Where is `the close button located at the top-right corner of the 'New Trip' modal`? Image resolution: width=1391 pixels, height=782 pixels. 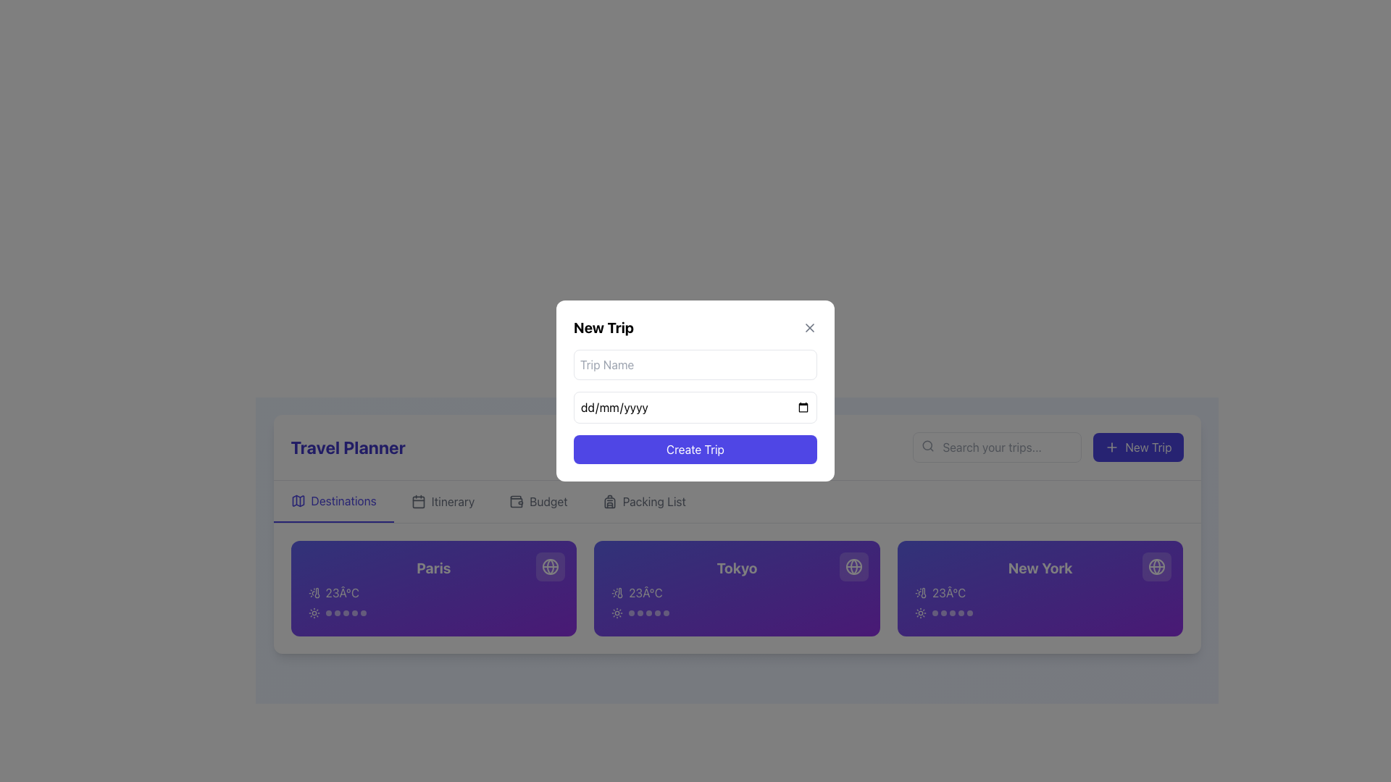 the close button located at the top-right corner of the 'New Trip' modal is located at coordinates (809, 327).